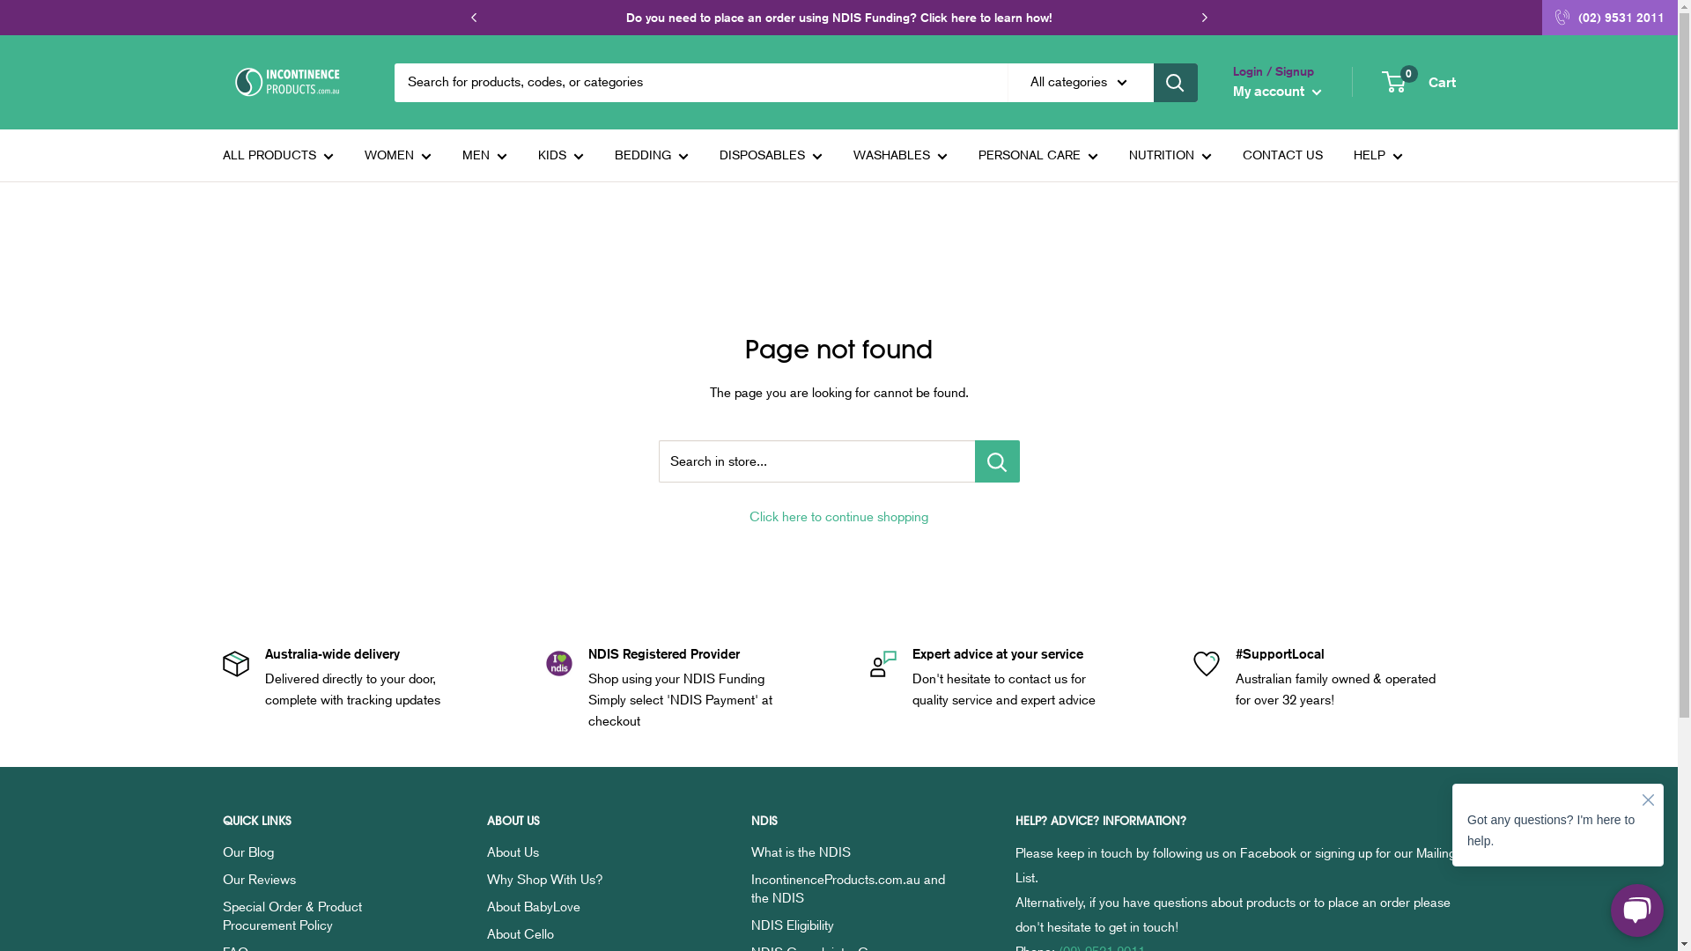 This screenshot has width=1691, height=951. Describe the element at coordinates (486, 906) in the screenshot. I see `'About BabyLove'` at that location.